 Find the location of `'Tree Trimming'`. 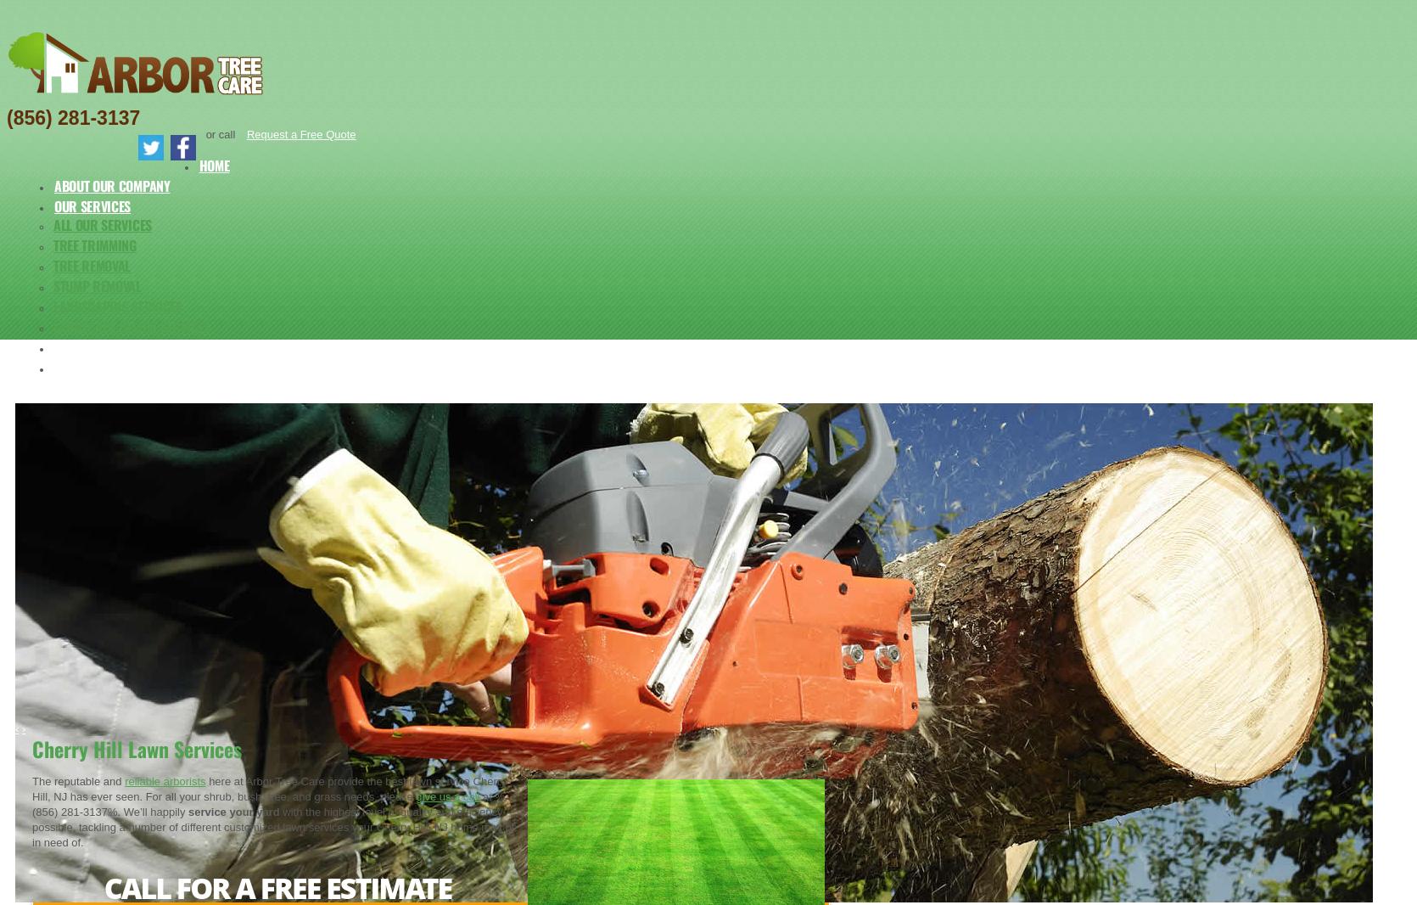

'Tree Trimming' is located at coordinates (53, 245).